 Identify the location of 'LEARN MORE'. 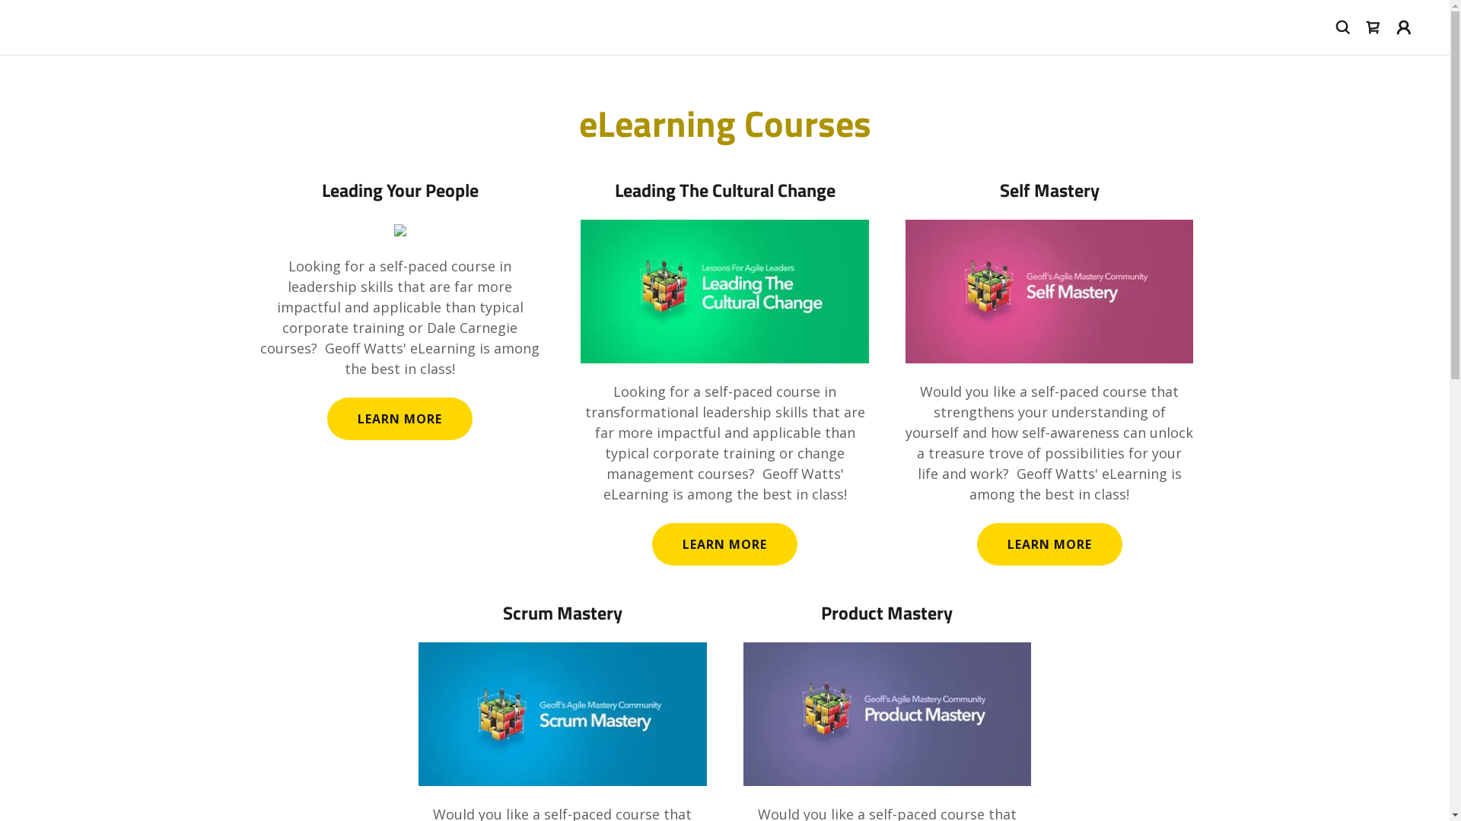
(326, 419).